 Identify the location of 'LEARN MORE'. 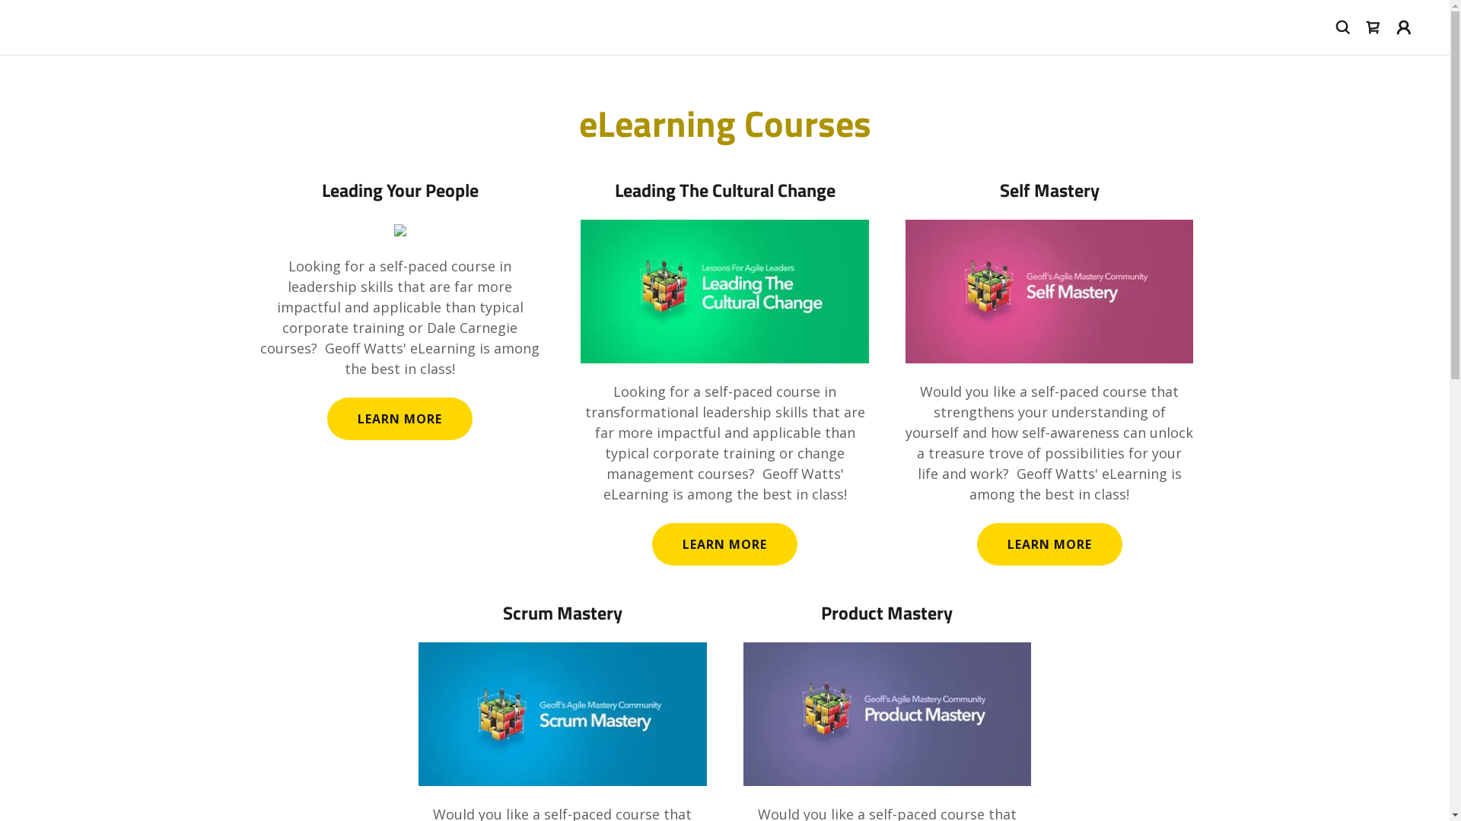
(326, 419).